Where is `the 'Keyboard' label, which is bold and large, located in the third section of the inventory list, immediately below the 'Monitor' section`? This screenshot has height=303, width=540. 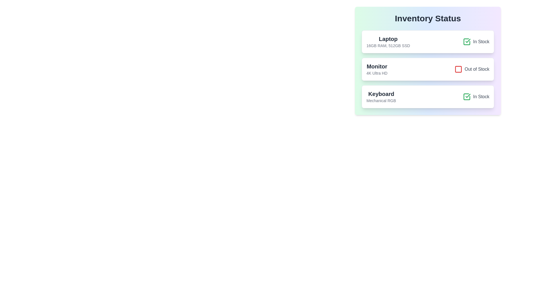
the 'Keyboard' label, which is bold and large, located in the third section of the inventory list, immediately below the 'Monitor' section is located at coordinates (381, 96).